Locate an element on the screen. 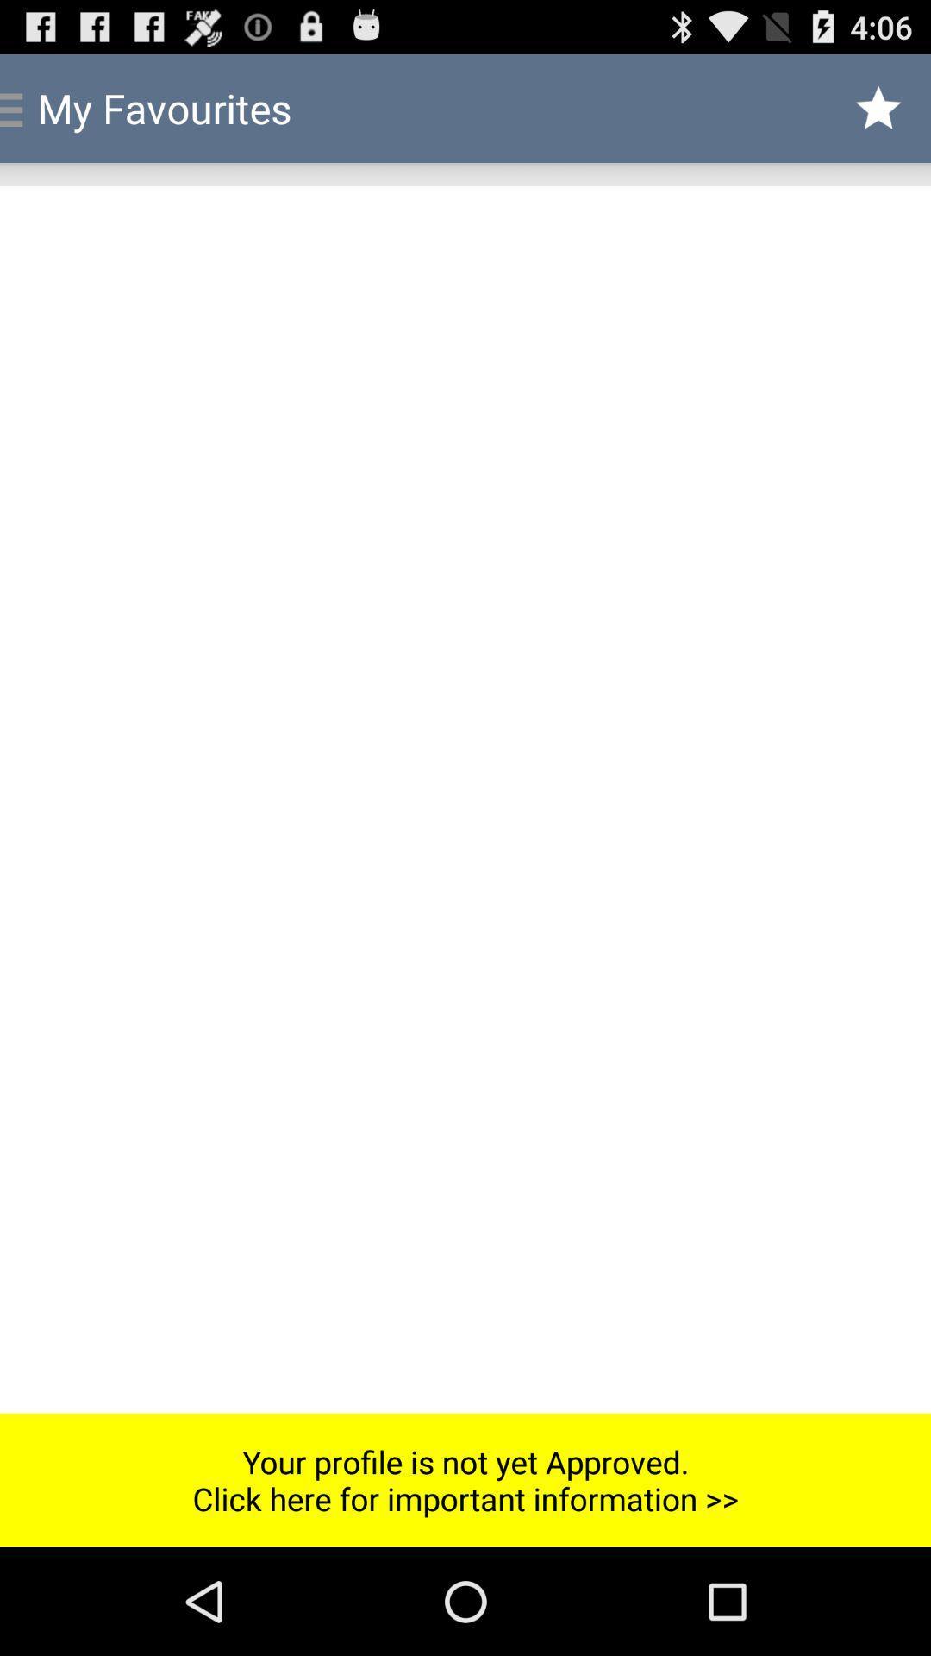  the your profile is button is located at coordinates (465, 1479).